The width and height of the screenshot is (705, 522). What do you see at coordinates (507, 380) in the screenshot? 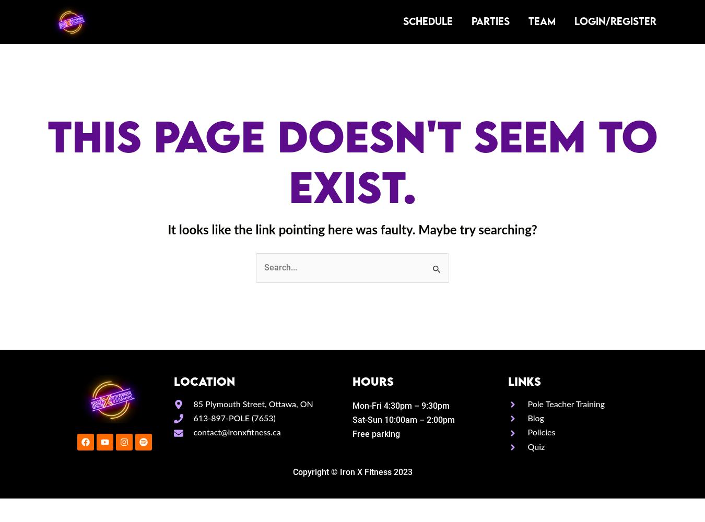
I see `'LINKS'` at bounding box center [507, 380].